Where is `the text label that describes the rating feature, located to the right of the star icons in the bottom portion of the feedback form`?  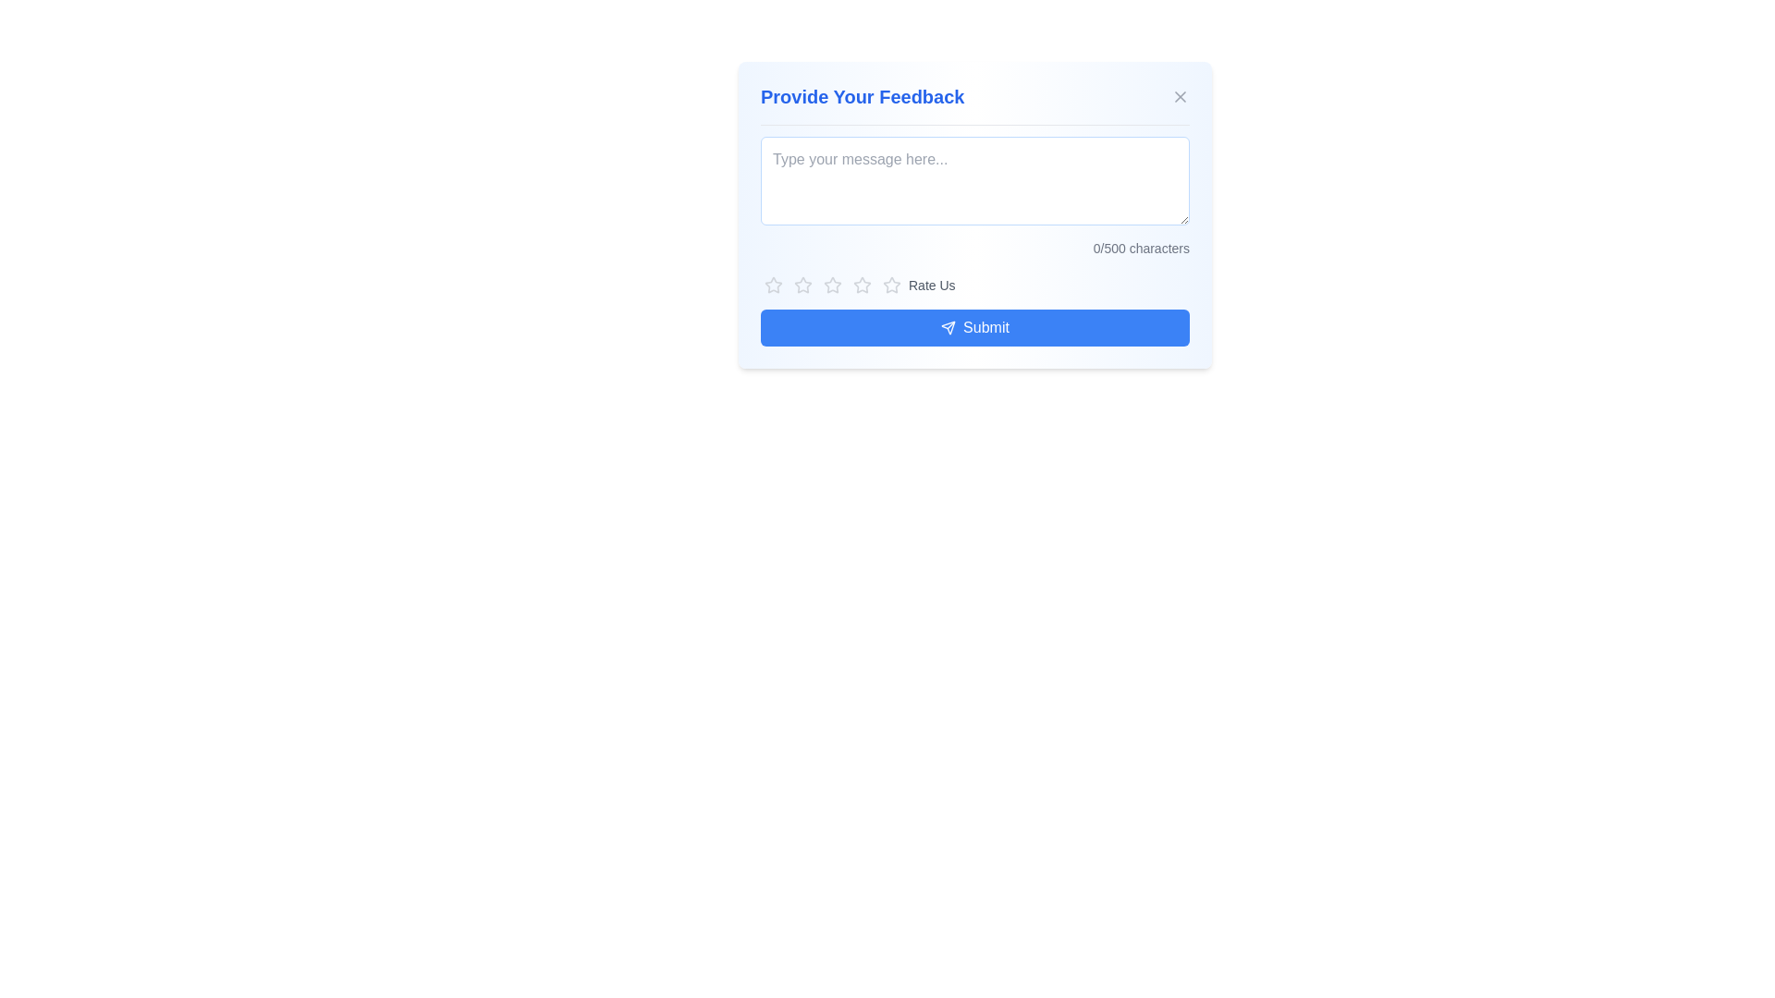 the text label that describes the rating feature, located to the right of the star icons in the bottom portion of the feedback form is located at coordinates (932, 285).